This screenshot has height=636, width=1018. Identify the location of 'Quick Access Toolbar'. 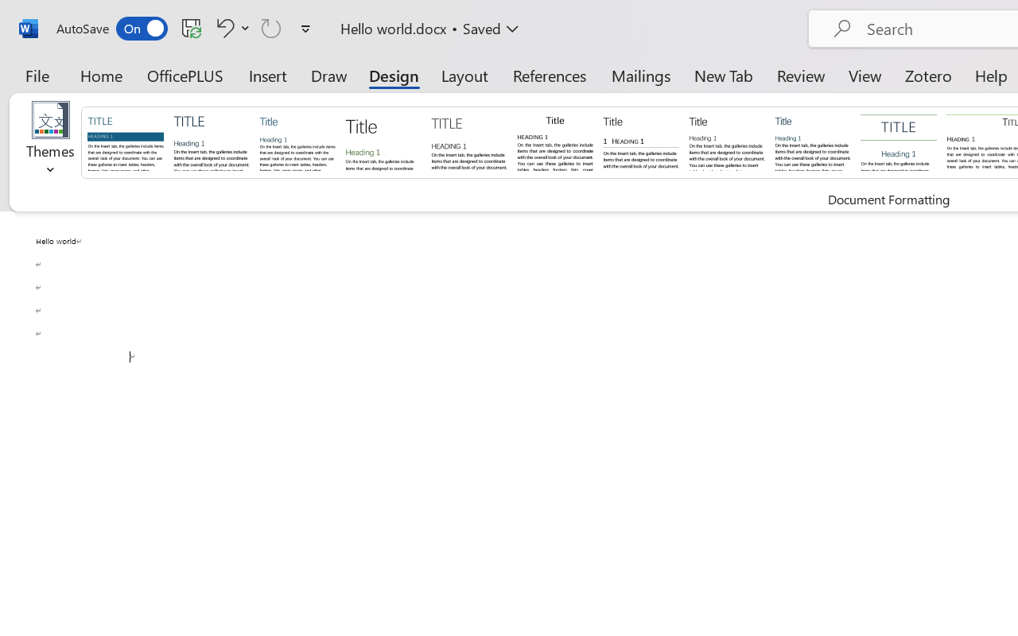
(186, 28).